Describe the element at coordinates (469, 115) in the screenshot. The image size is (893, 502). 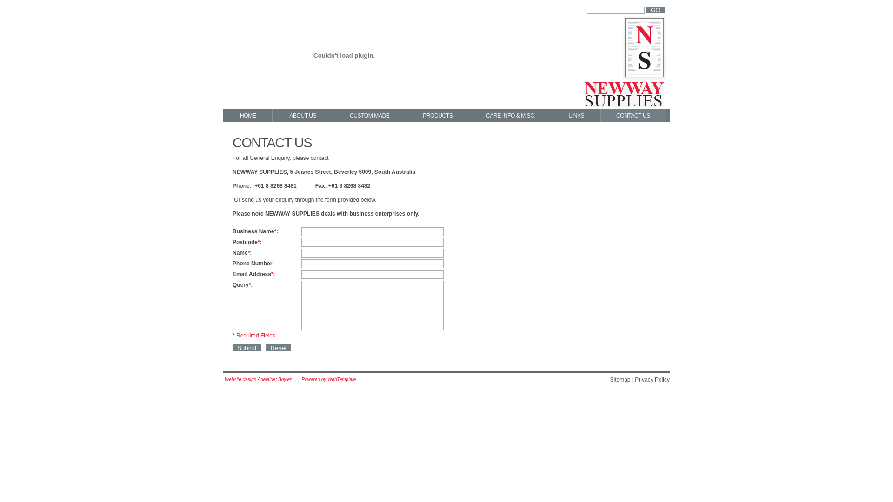
I see `'CARE INFO & MISC.'` at that location.